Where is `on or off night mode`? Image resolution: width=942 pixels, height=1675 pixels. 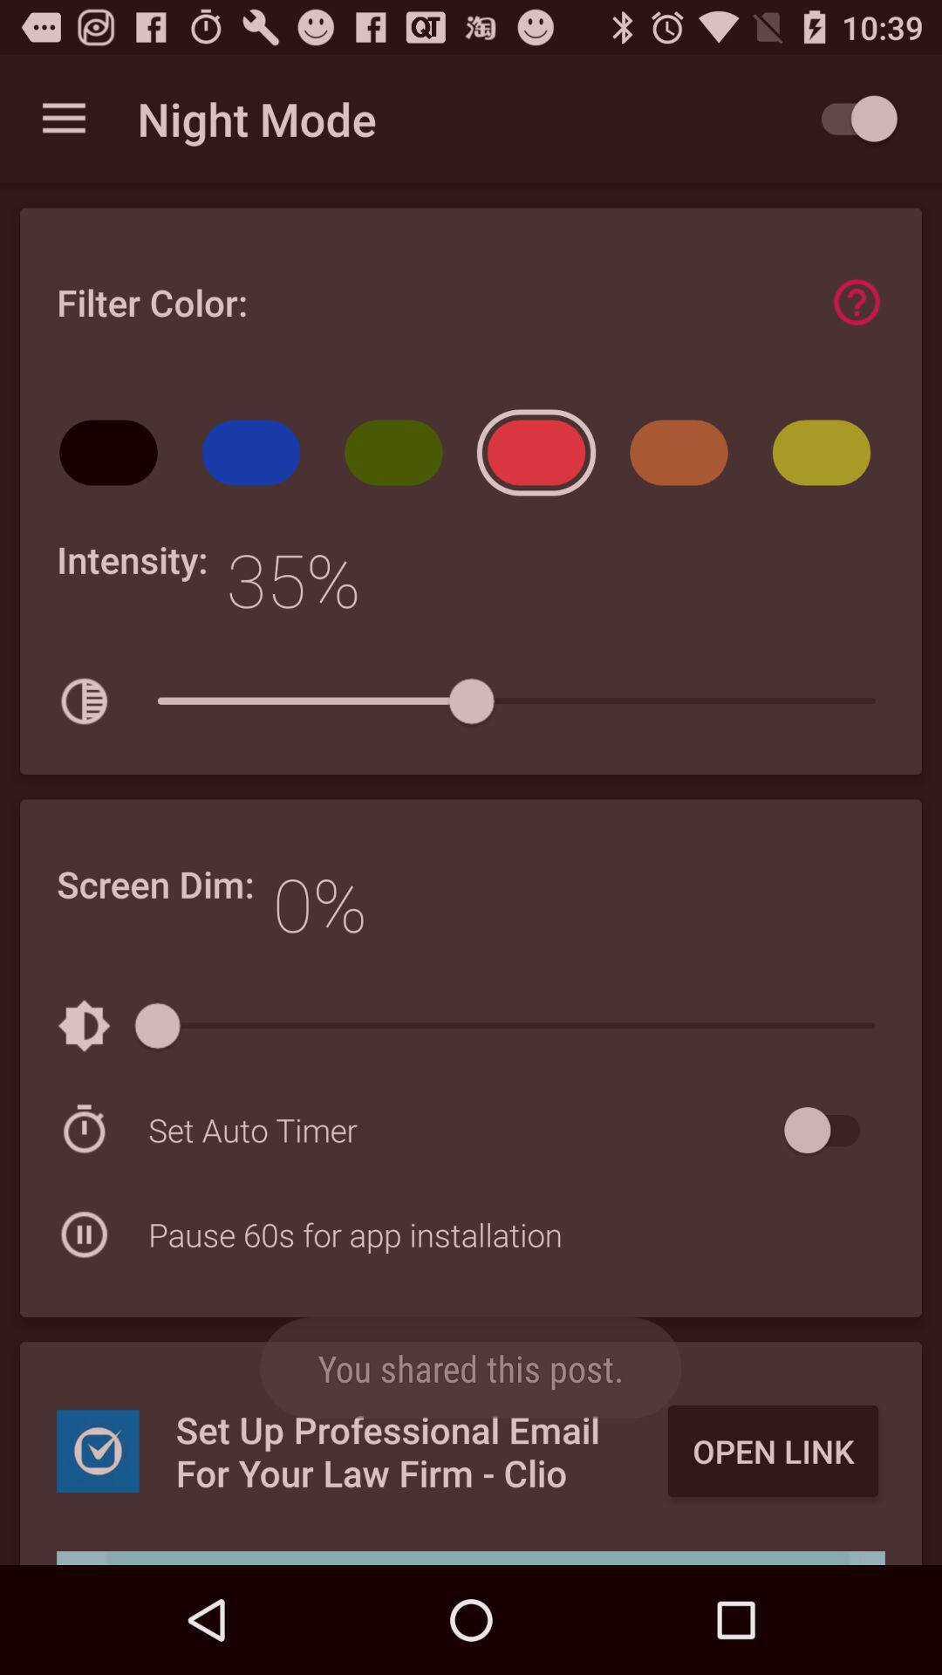 on or off night mode is located at coordinates (850, 118).